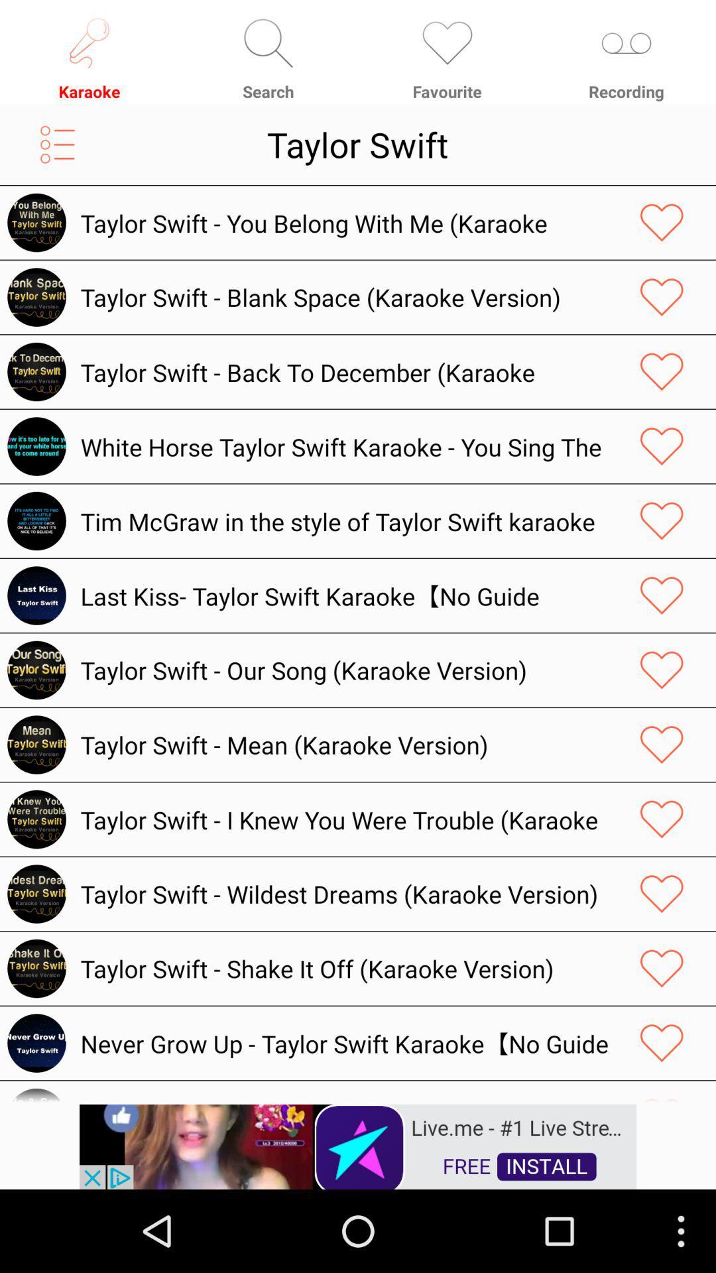 This screenshot has width=716, height=1273. Describe the element at coordinates (662, 819) in the screenshot. I see `song to favorites` at that location.